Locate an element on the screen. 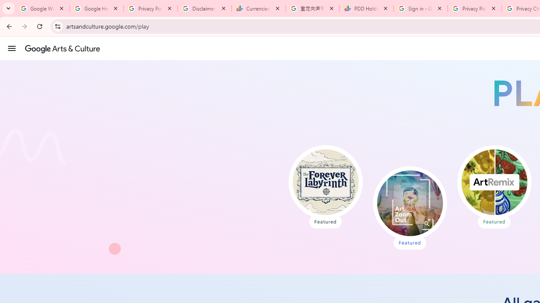 Image resolution: width=540 pixels, height=303 pixels. 'Google Workspace Admin Community' is located at coordinates (42, 8).